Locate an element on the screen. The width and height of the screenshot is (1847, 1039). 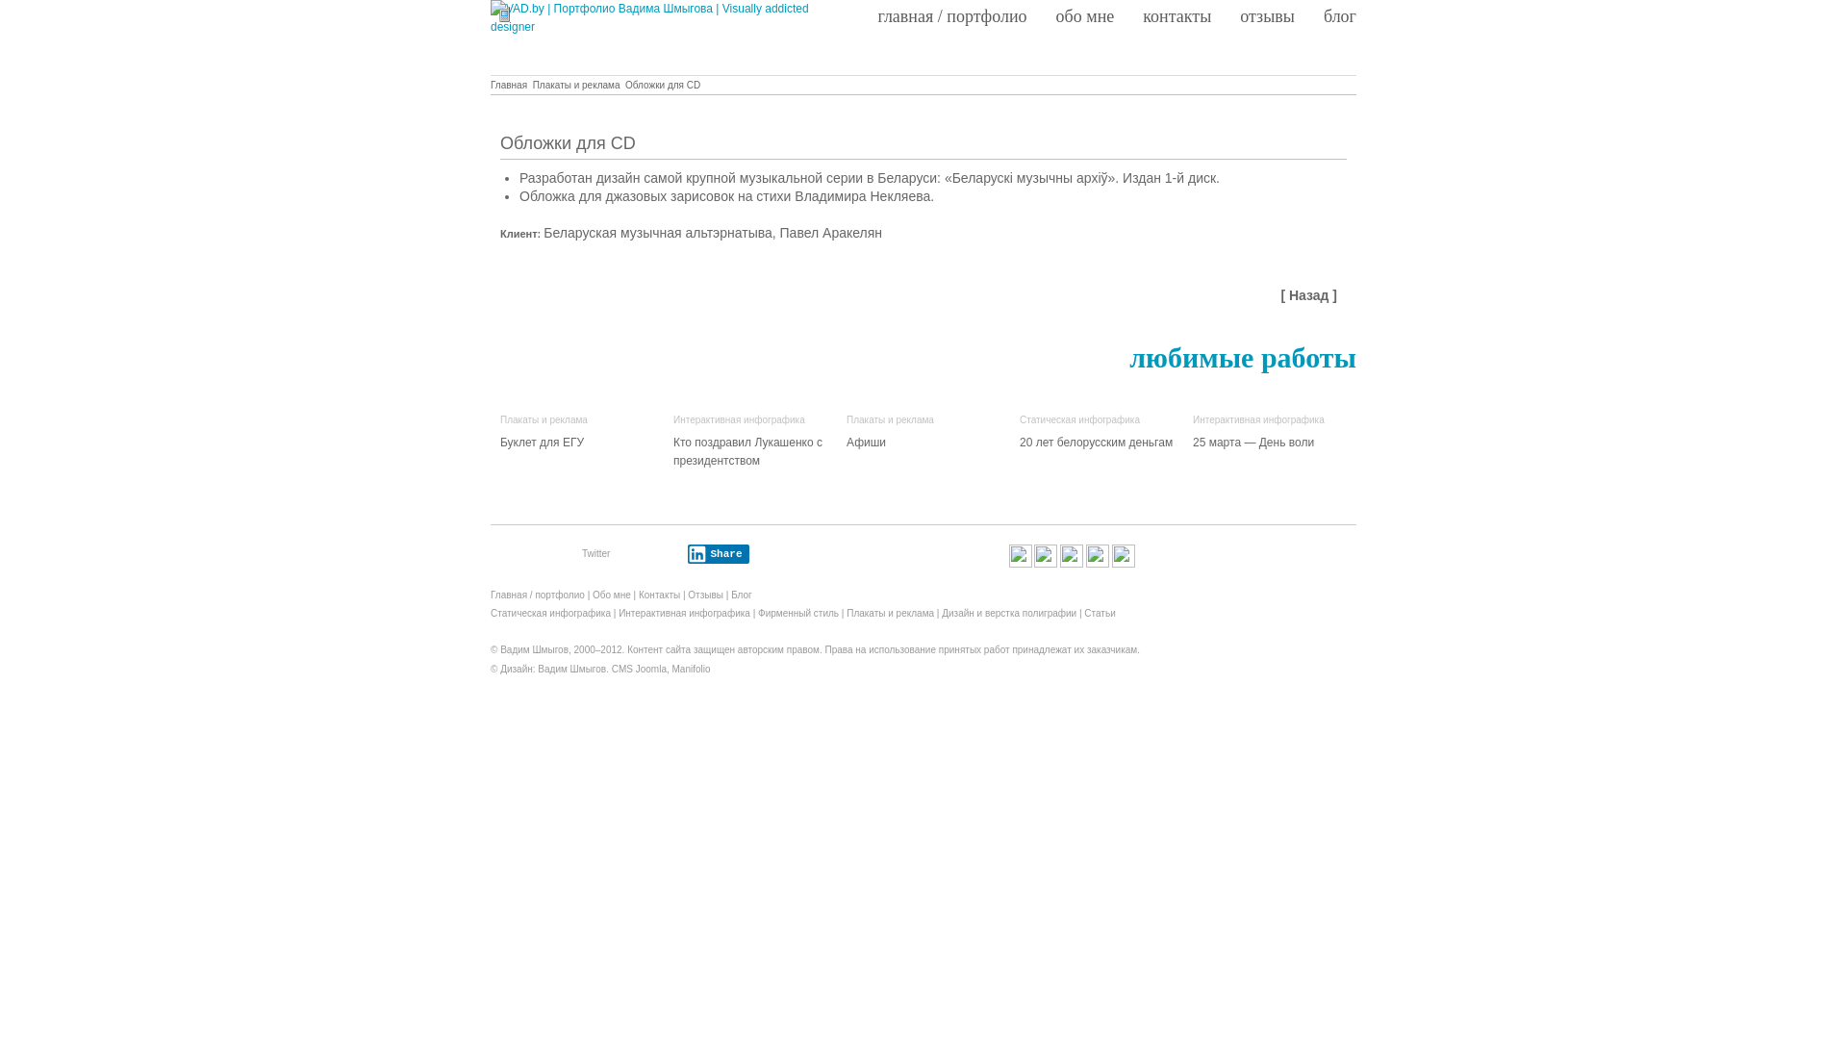
'Share' is located at coordinates (688, 553).